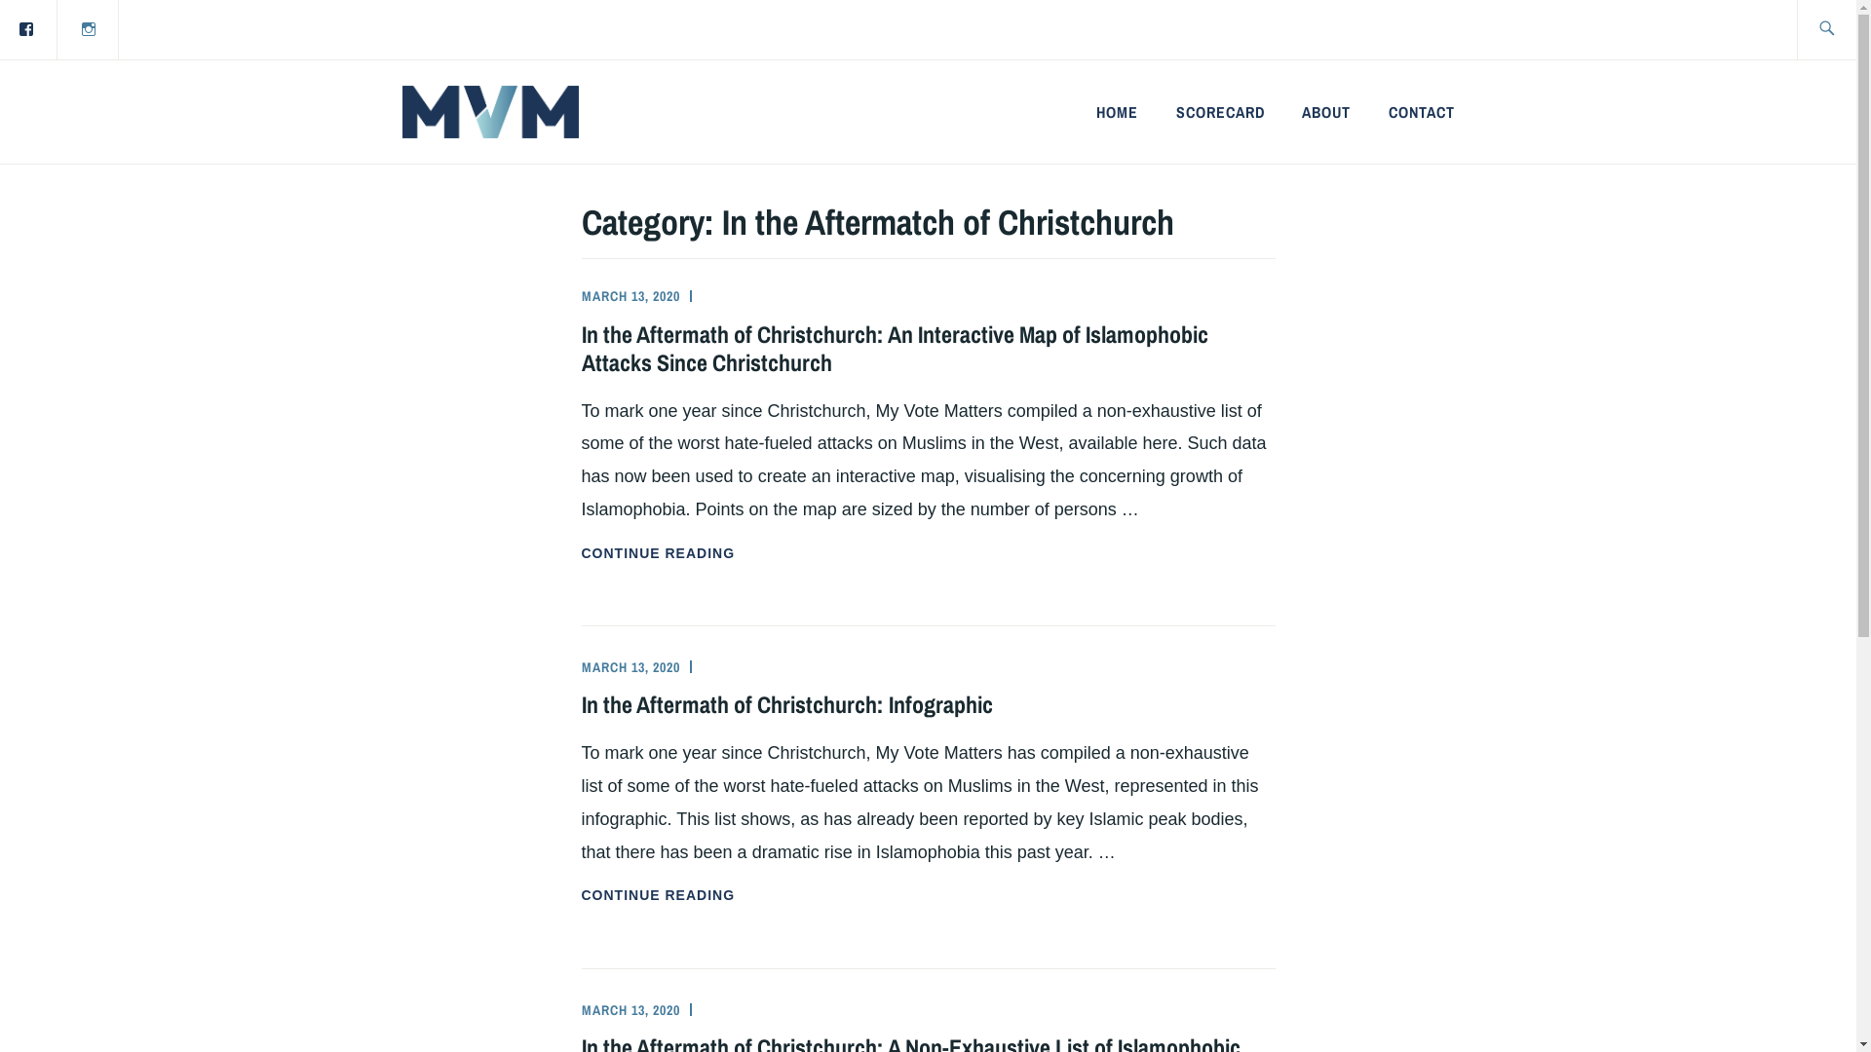  Describe the element at coordinates (1847, 29) in the screenshot. I see `'Search for:'` at that location.